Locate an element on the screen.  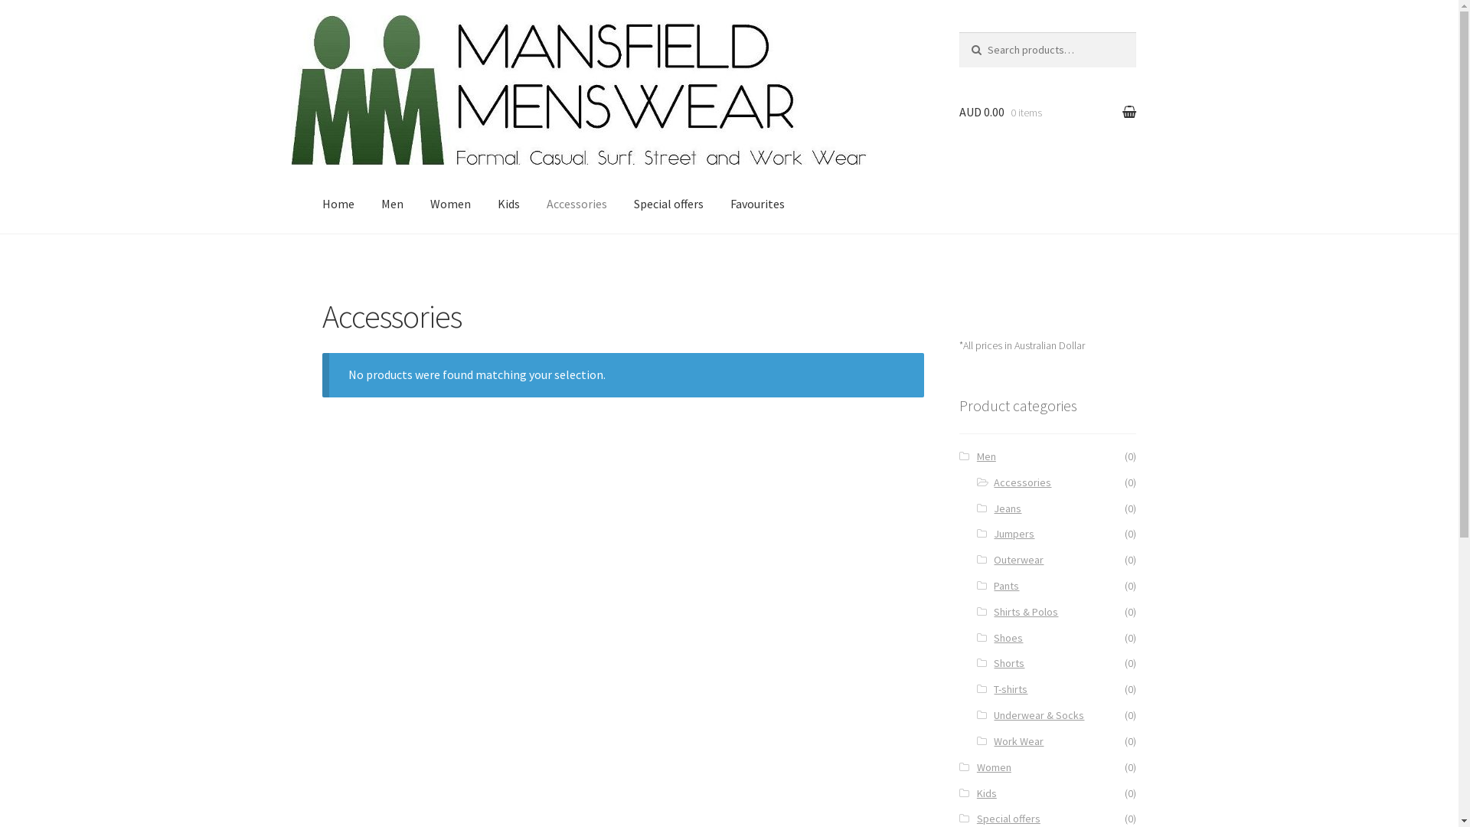
'Shorts' is located at coordinates (1009, 662).